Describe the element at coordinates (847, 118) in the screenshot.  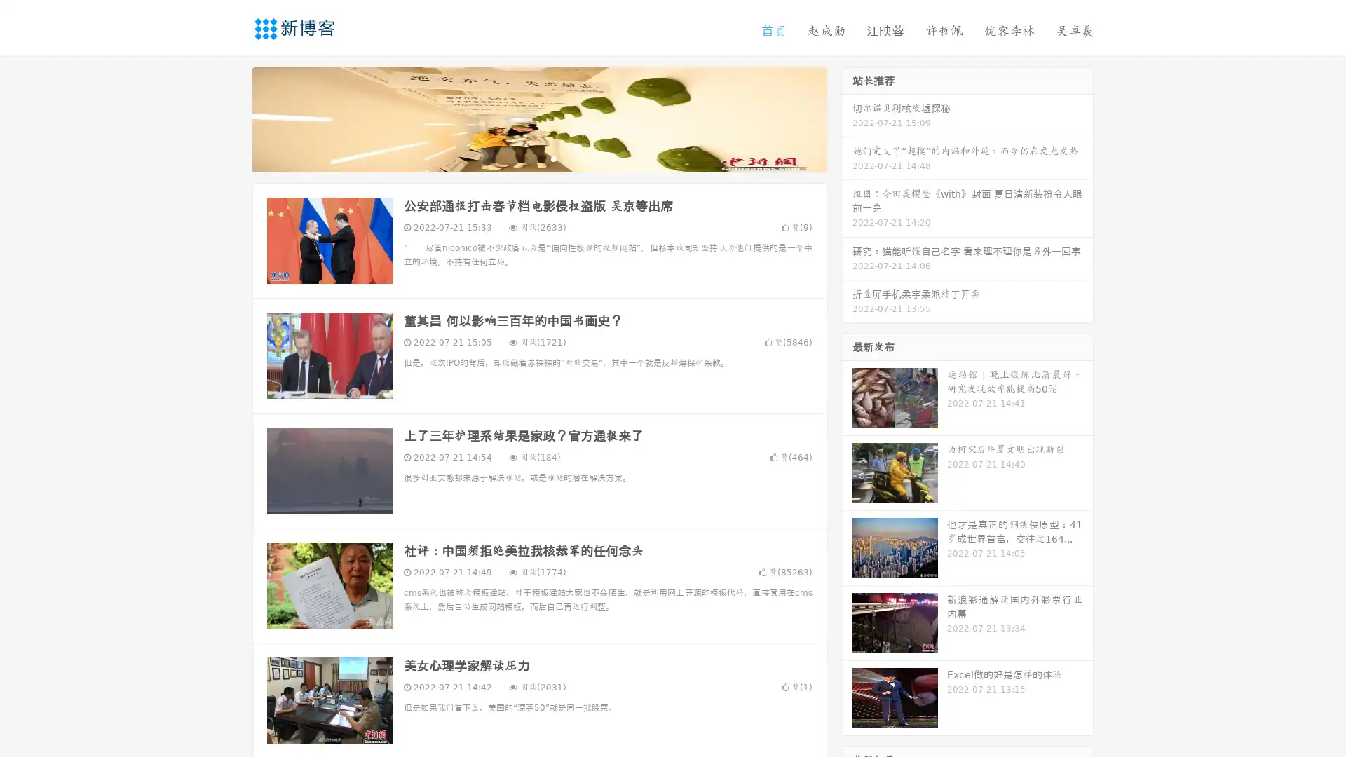
I see `Next slide` at that location.